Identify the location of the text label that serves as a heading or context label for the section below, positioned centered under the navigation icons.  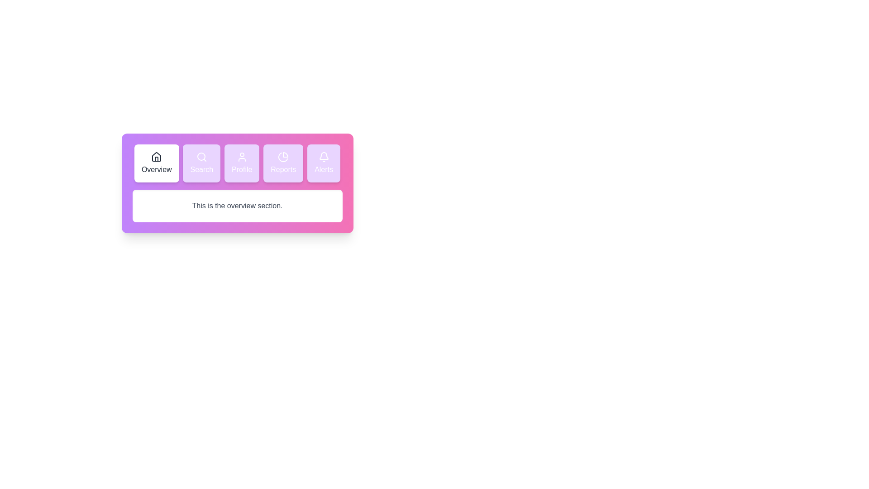
(237, 206).